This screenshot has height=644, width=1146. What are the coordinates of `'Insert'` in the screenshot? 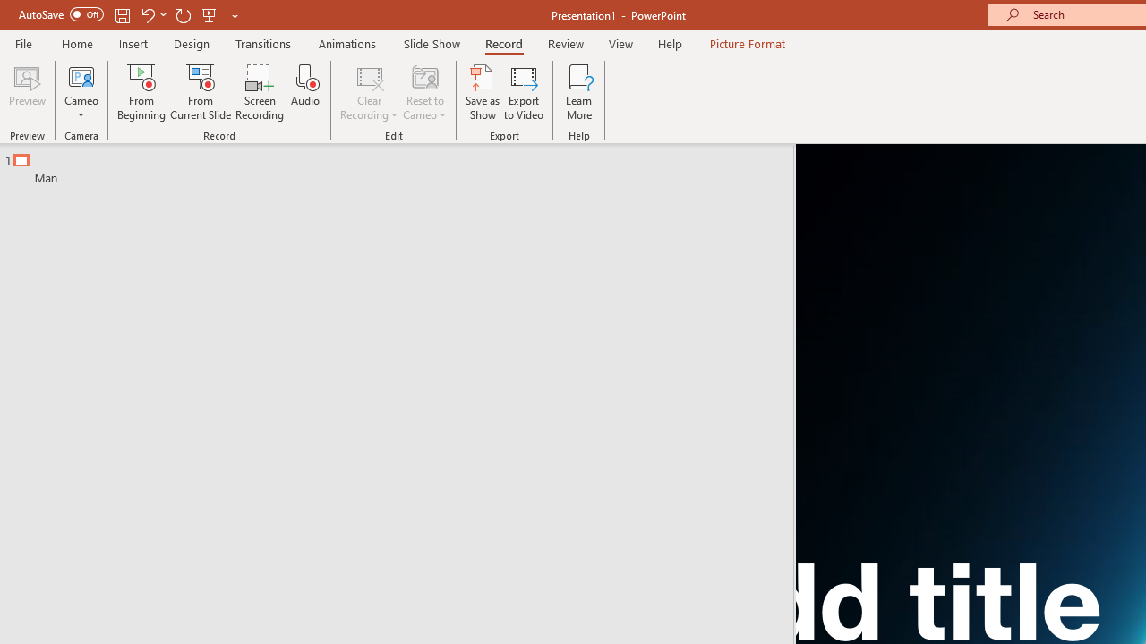 It's located at (133, 43).